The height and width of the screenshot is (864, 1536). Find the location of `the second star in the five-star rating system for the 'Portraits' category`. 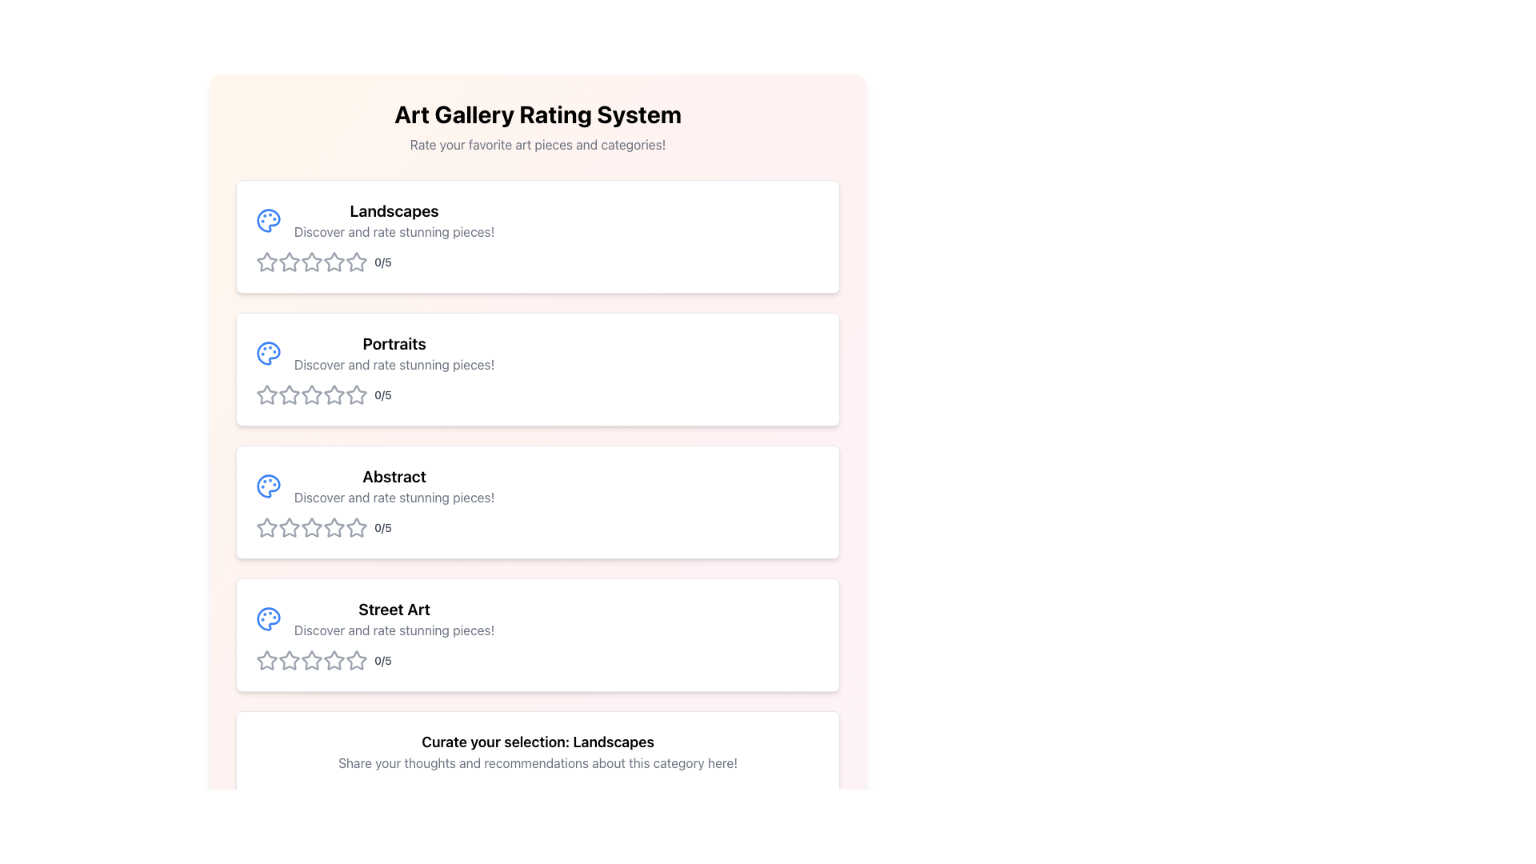

the second star in the five-star rating system for the 'Portraits' category is located at coordinates (311, 394).